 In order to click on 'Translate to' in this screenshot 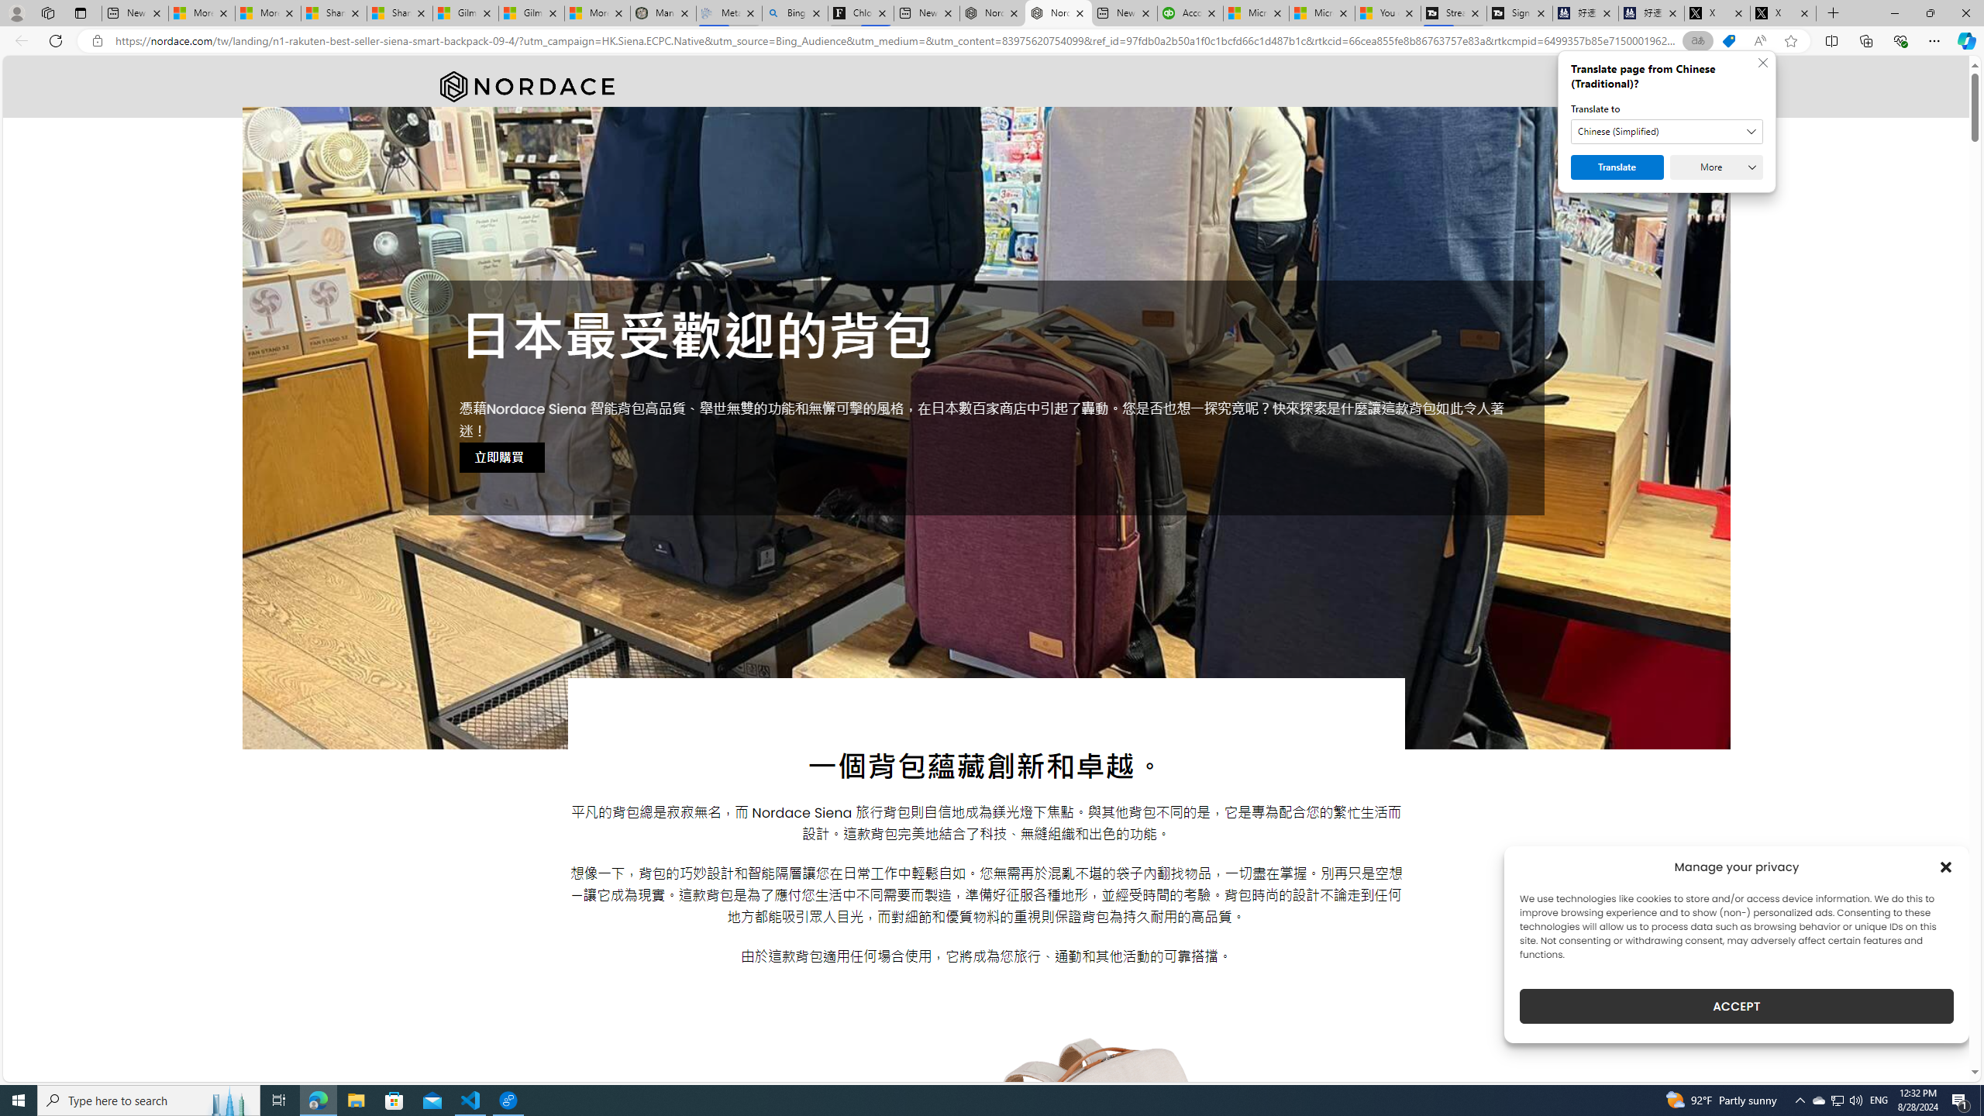, I will do `click(1667, 130)`.